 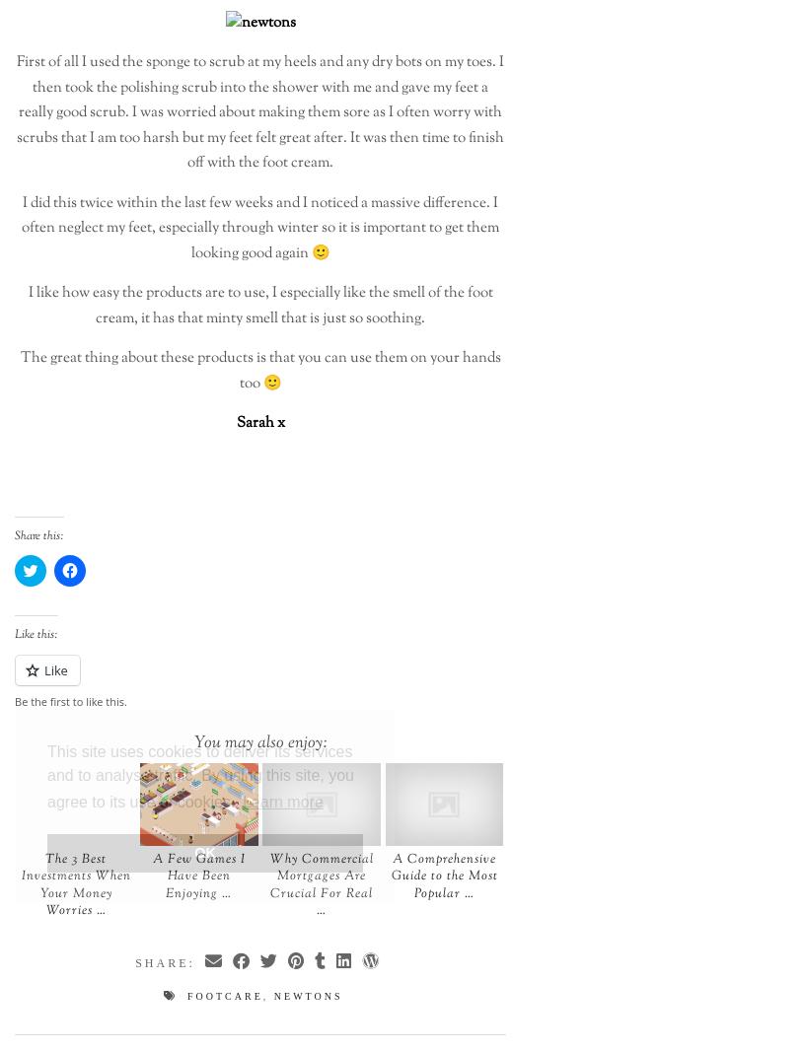 What do you see at coordinates (193, 740) in the screenshot?
I see `'You may also enjoy:'` at bounding box center [193, 740].